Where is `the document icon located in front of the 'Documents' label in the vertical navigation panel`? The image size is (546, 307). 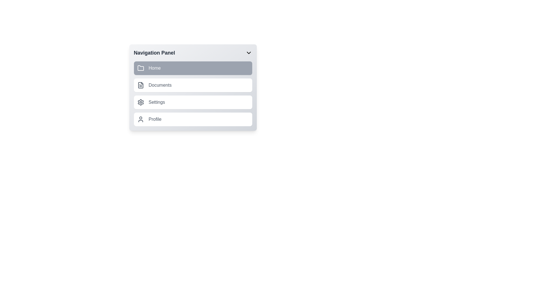
the document icon located in front of the 'Documents' label in the vertical navigation panel is located at coordinates (140, 85).